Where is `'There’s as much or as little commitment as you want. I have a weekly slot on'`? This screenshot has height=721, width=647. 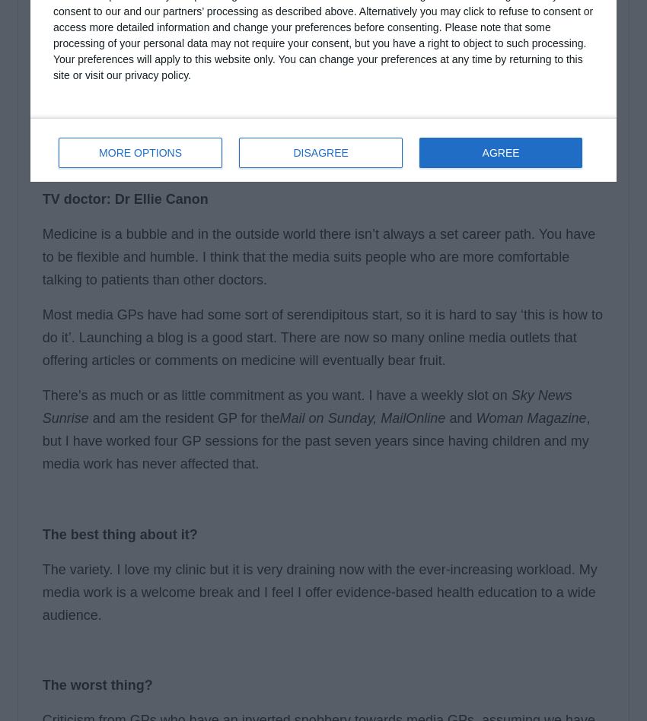 'There’s as much or as little commitment as you want. I have a weekly slot on' is located at coordinates (276, 395).